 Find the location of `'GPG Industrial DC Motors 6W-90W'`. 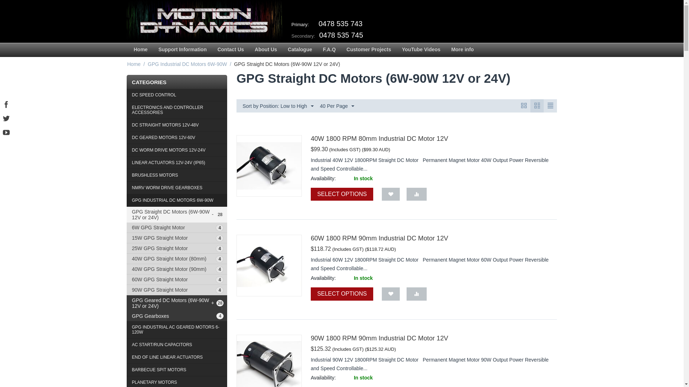

'GPG Industrial DC Motors 6W-90W' is located at coordinates (187, 63).